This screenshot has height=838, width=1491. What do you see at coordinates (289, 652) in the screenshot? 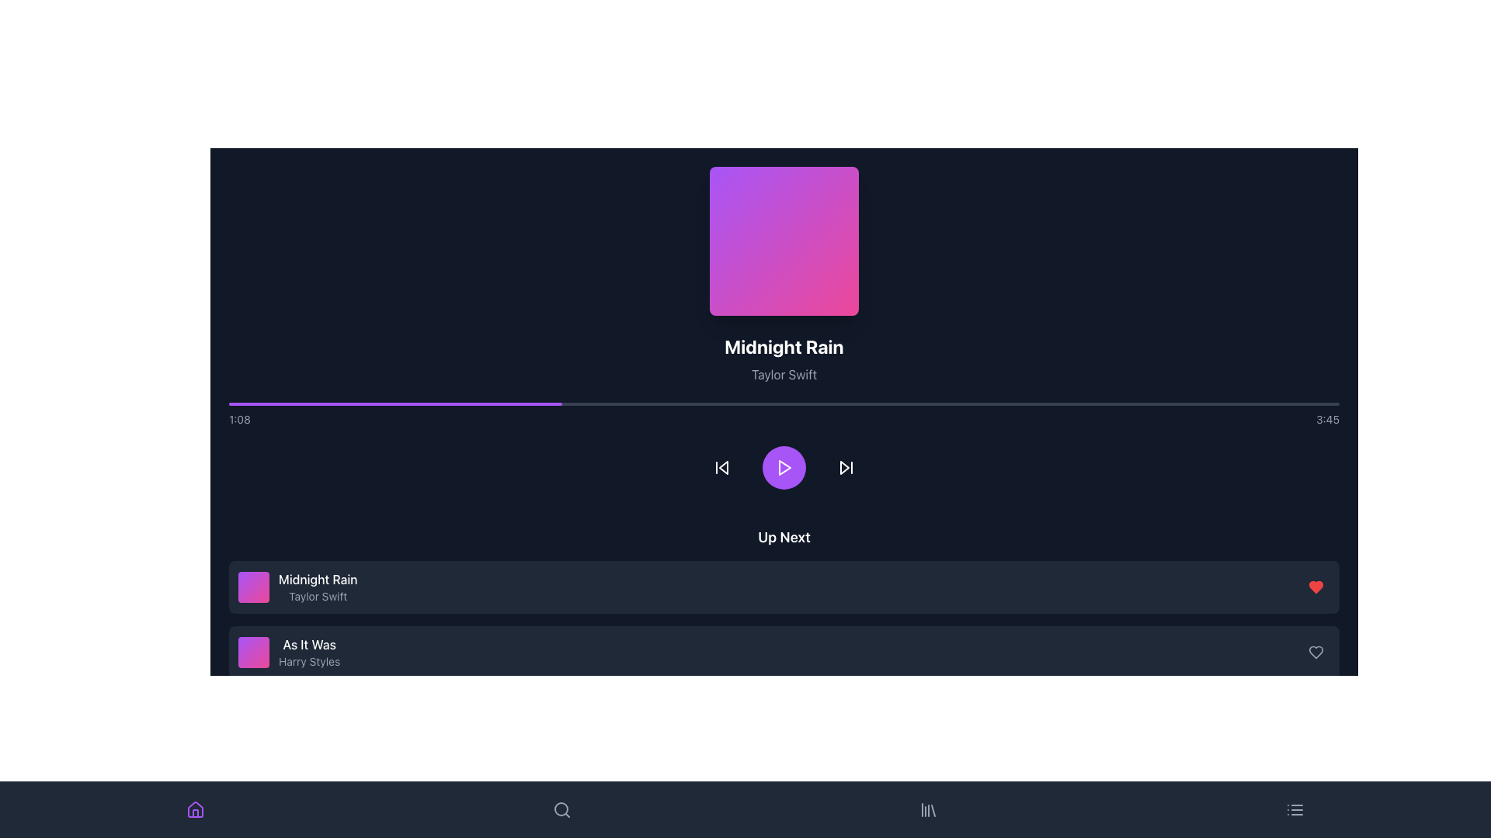
I see `the music track entry` at bounding box center [289, 652].